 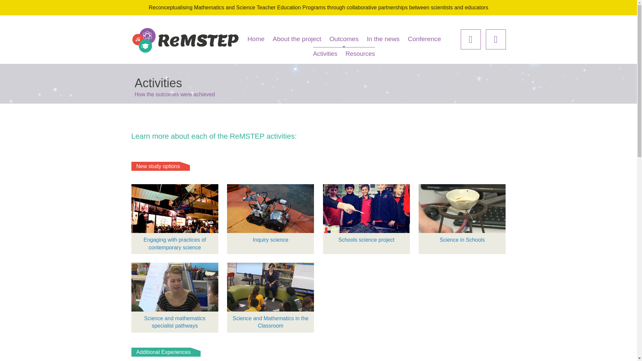 What do you see at coordinates (175, 297) in the screenshot?
I see `'Science and mathematics specialist pathways'` at bounding box center [175, 297].